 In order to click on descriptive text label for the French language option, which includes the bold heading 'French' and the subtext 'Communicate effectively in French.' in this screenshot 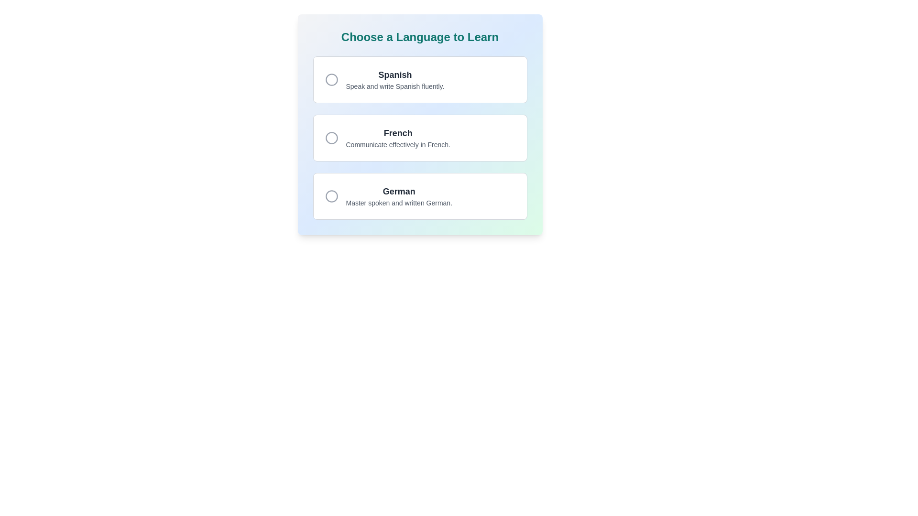, I will do `click(398, 138)`.